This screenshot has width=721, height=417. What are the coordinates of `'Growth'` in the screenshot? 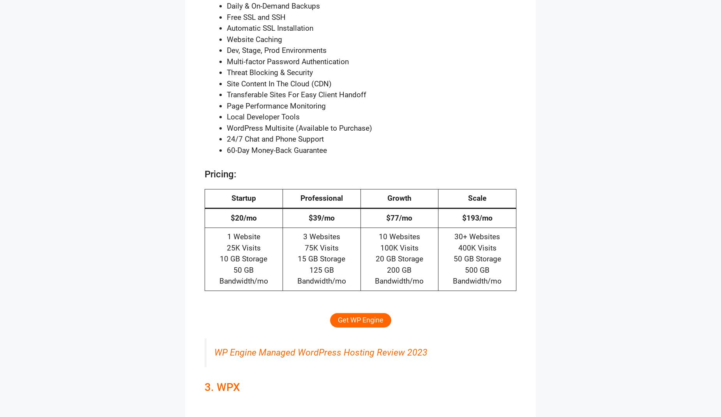 It's located at (398, 198).